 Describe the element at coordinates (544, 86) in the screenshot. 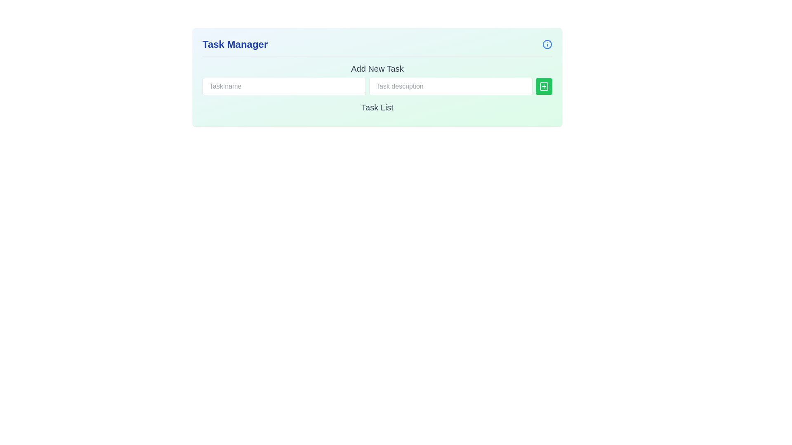

I see `the decorative SVG rectangle within the green button that suggests an addition action in the 'Add New Task' section` at that location.